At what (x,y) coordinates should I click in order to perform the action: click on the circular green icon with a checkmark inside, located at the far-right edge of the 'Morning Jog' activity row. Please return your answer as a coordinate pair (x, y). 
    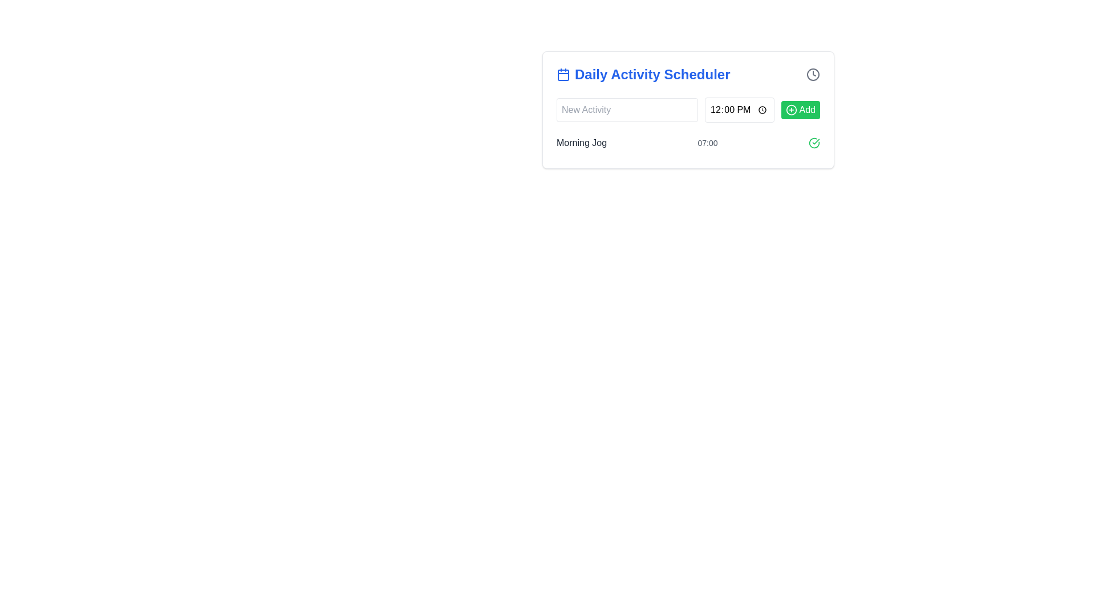
    Looking at the image, I should click on (814, 142).